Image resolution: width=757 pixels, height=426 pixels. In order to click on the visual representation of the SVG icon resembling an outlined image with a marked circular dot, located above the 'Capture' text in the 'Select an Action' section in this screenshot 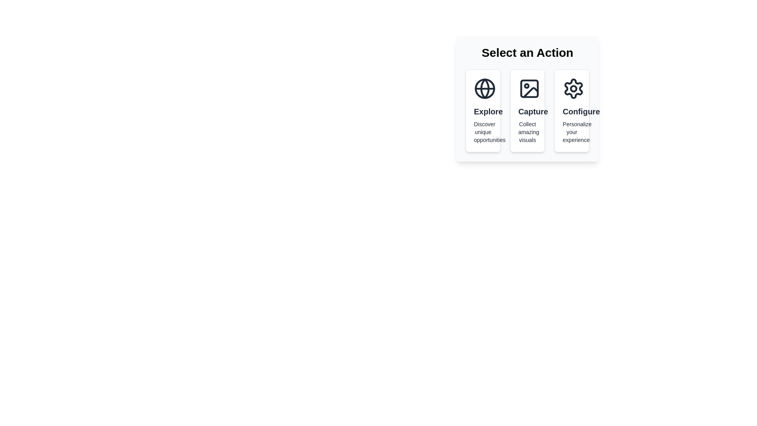, I will do `click(529, 88)`.